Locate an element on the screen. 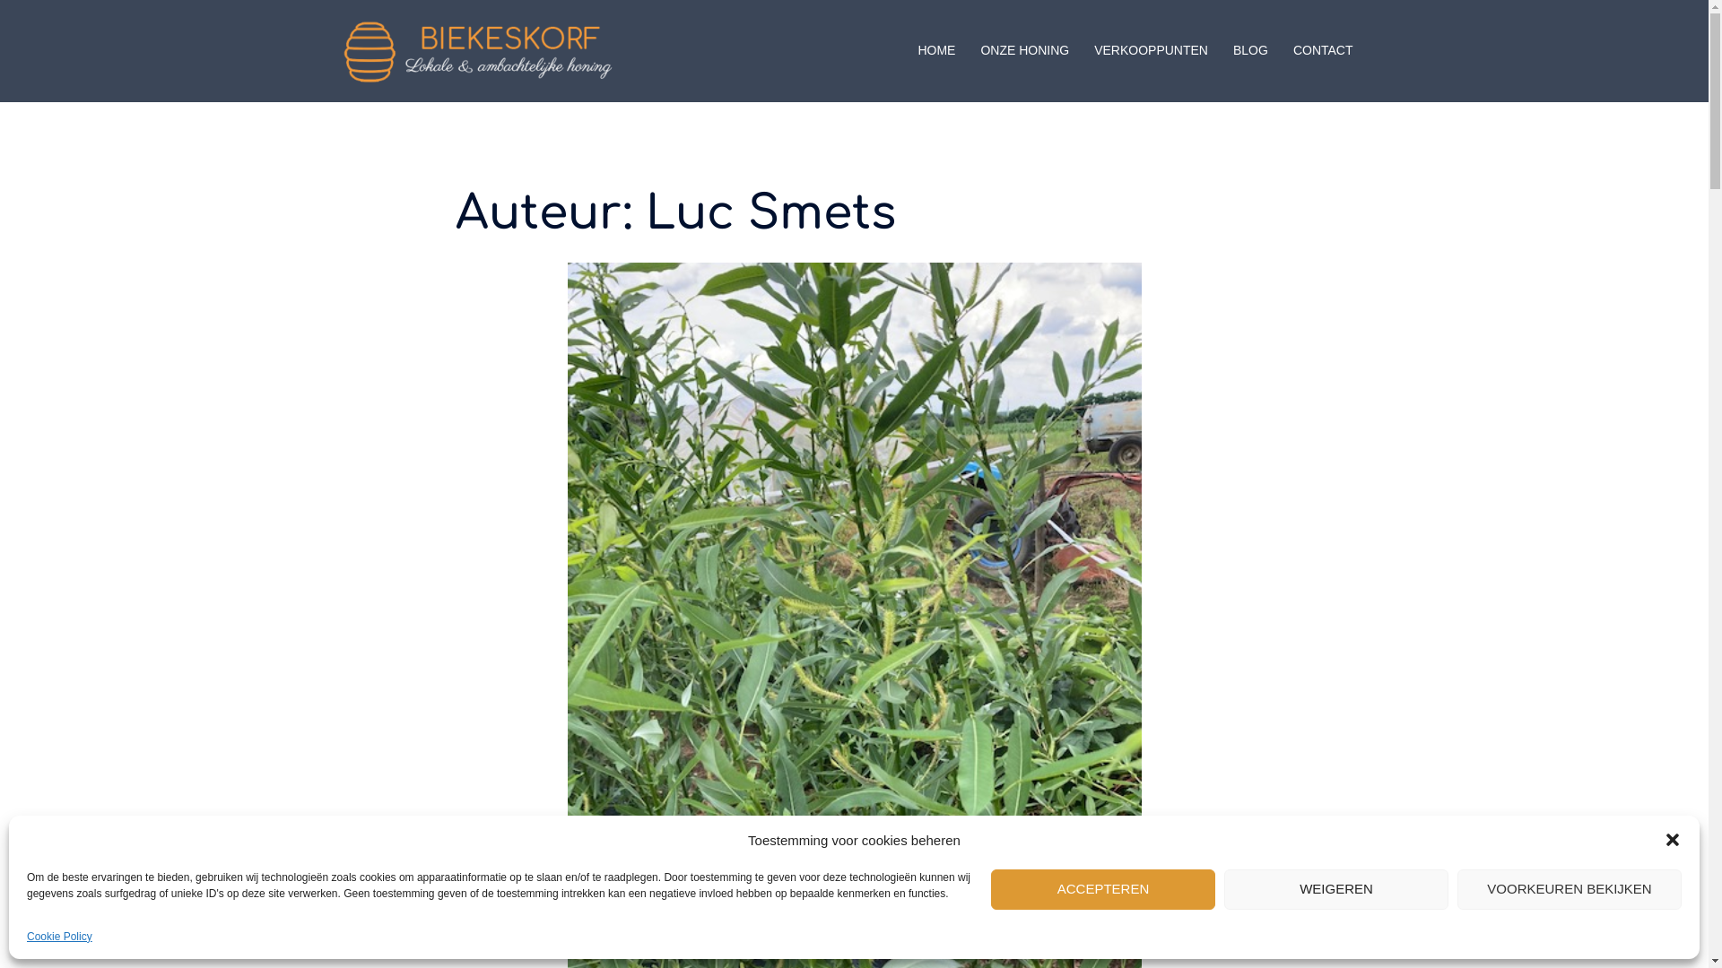 Image resolution: width=1722 pixels, height=968 pixels. 'VERKOOPPUNTEN' is located at coordinates (1151, 50).